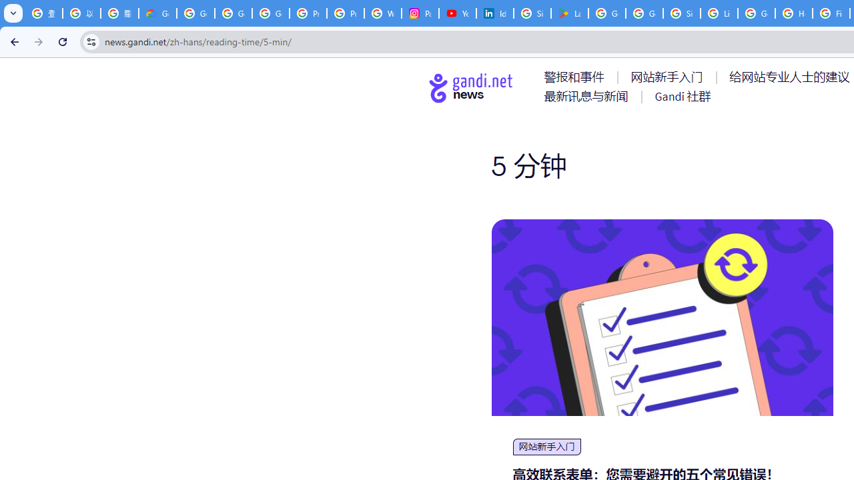 The height and width of the screenshot is (480, 854). I want to click on 'Google Workspace - Specific Terms', so click(645, 13).